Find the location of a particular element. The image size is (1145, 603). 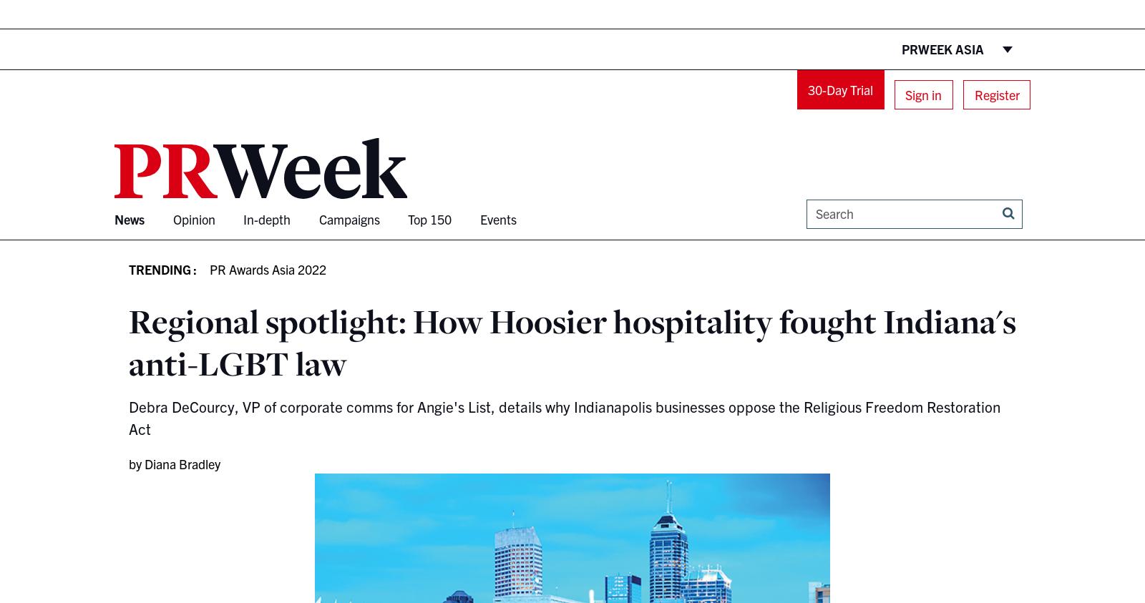

'Events' is located at coordinates (497, 218).